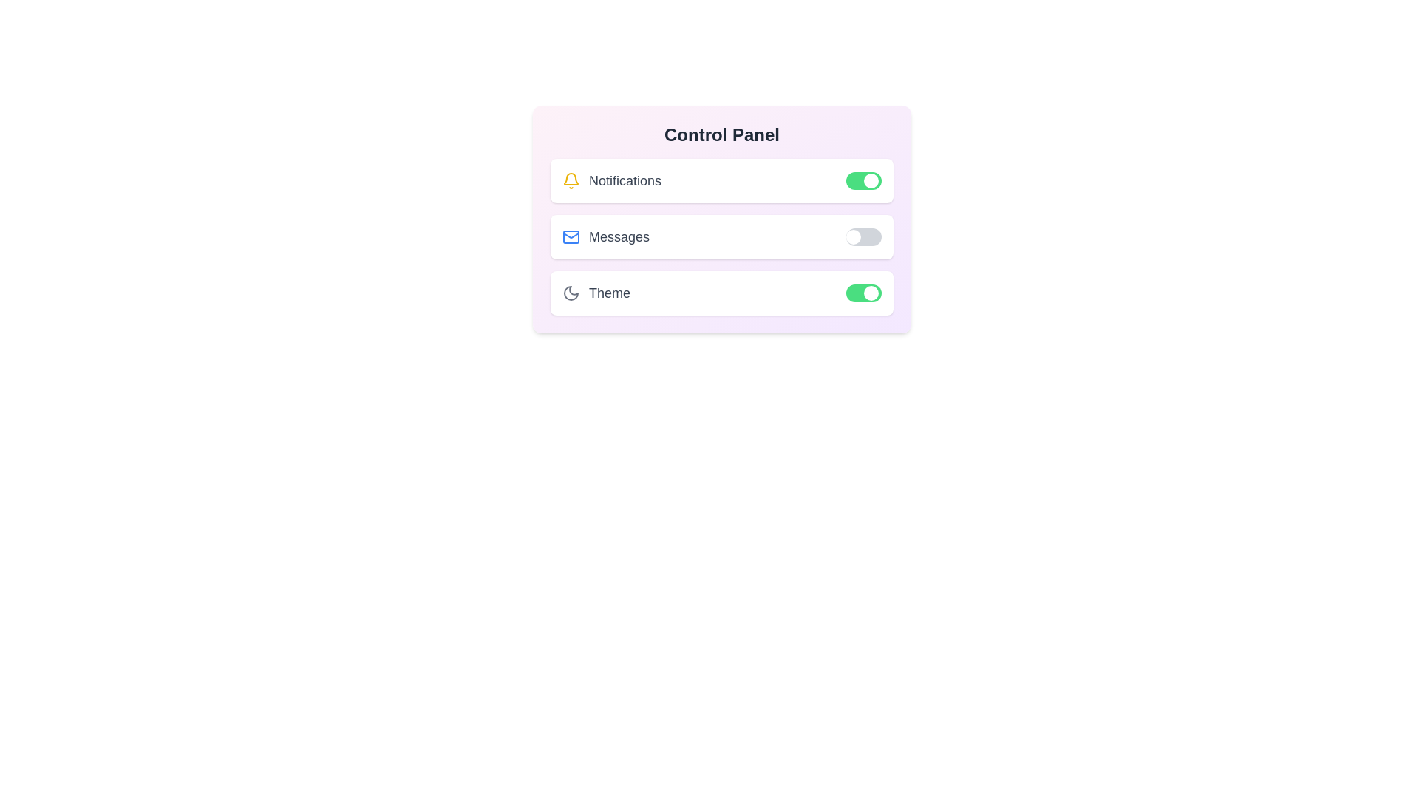  I want to click on the 'Messages' label with the blue envelope icon, which is located in the second row of toggle options in the control panel, so click(606, 236).